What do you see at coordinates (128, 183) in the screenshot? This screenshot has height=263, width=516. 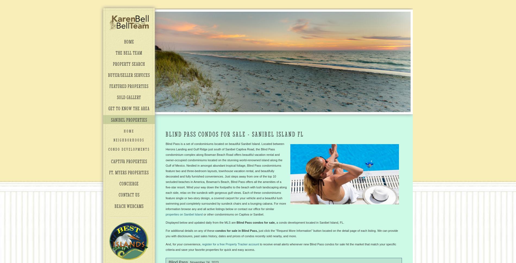 I see `'Concierge'` at bounding box center [128, 183].